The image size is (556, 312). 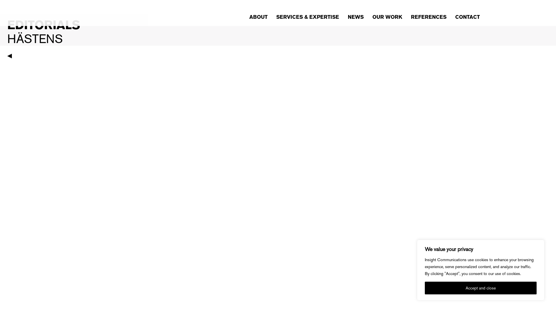 What do you see at coordinates (355, 18) in the screenshot?
I see `'NEWS'` at bounding box center [355, 18].